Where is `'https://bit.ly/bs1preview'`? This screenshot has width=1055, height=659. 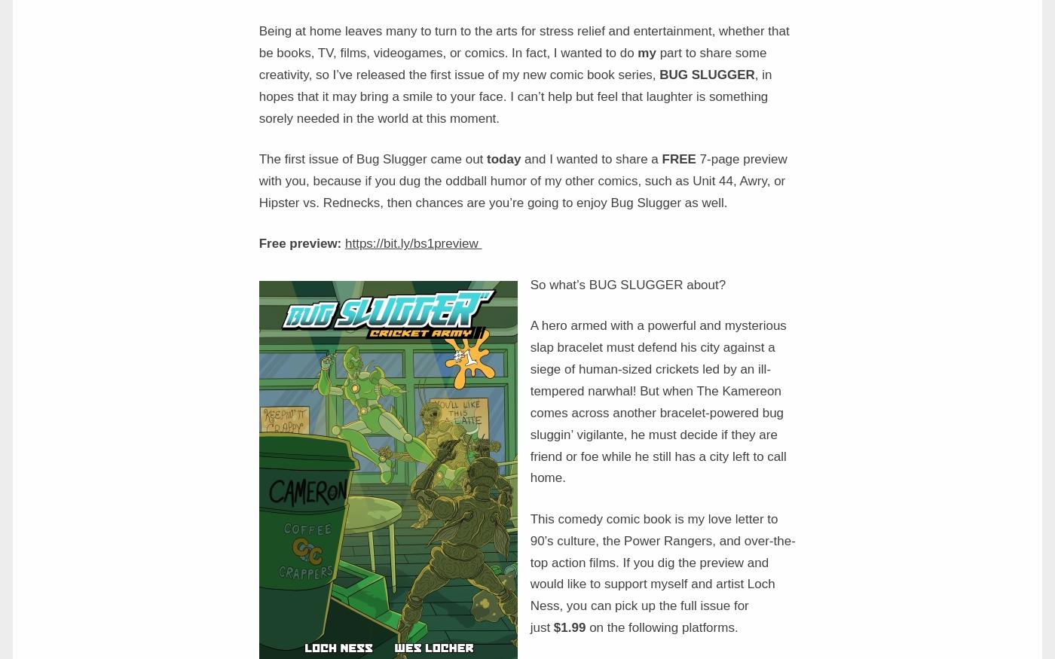 'https://bit.ly/bs1preview' is located at coordinates (413, 243).